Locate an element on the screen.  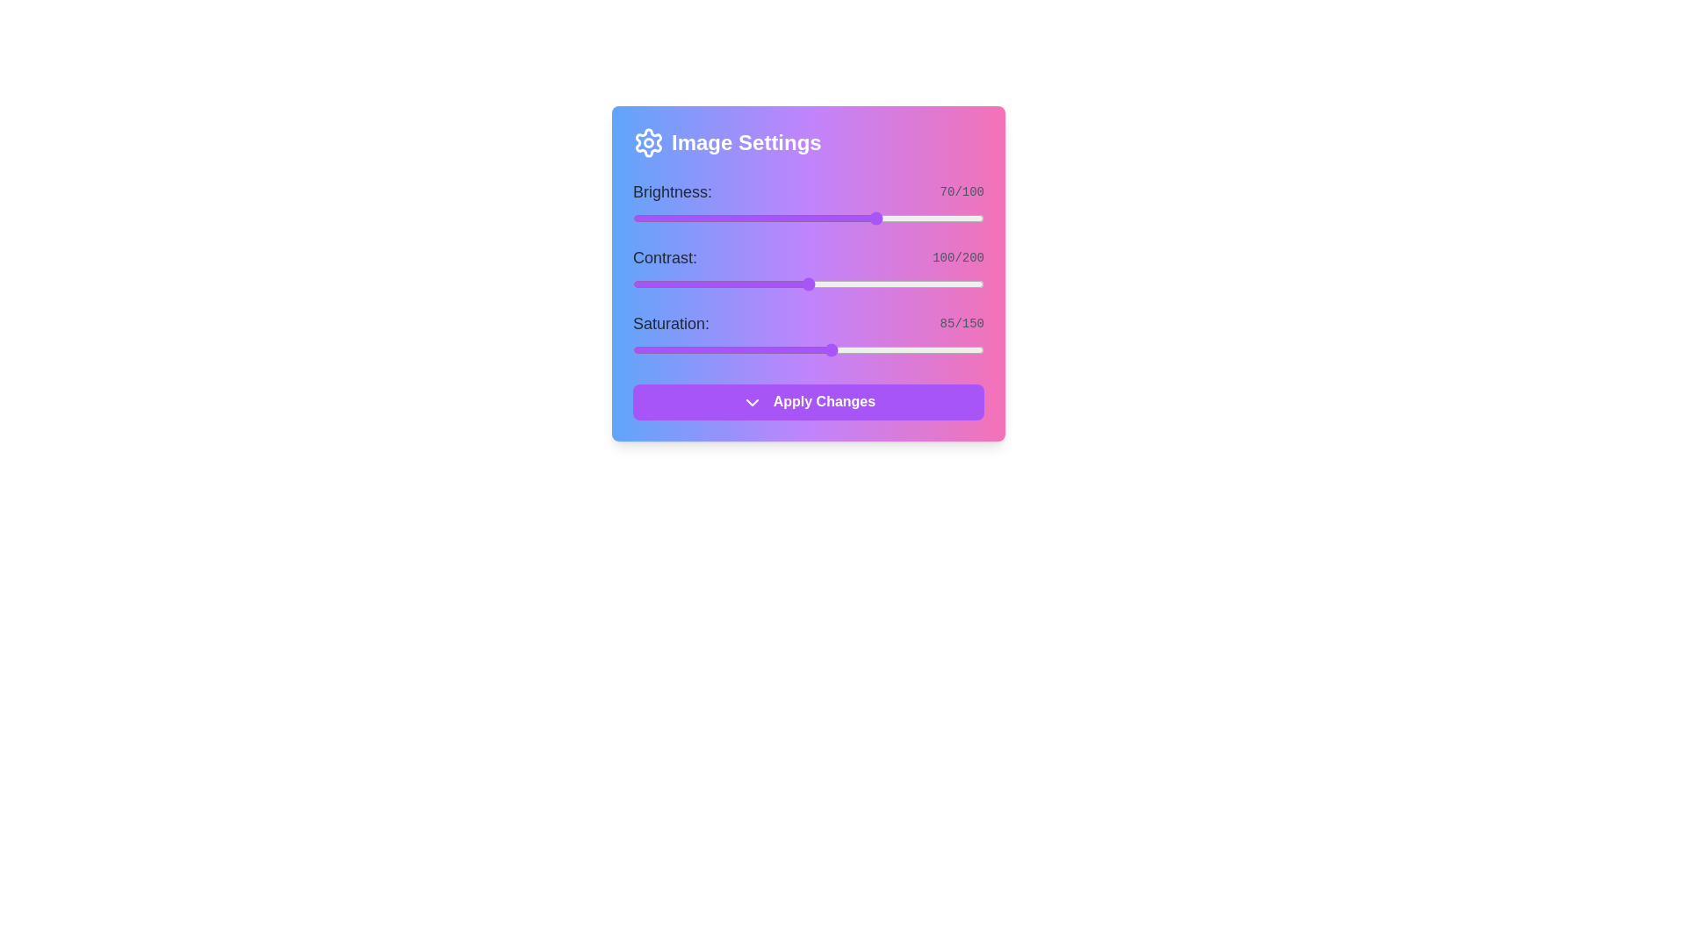
the contrast slider to 156 value is located at coordinates (906, 284).